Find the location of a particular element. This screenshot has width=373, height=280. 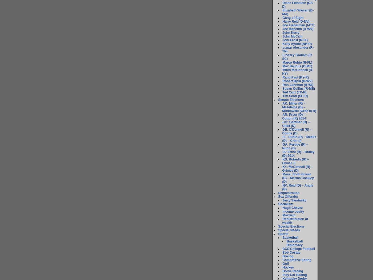

'Lamar Alexander (R-TN)' is located at coordinates (298, 49).